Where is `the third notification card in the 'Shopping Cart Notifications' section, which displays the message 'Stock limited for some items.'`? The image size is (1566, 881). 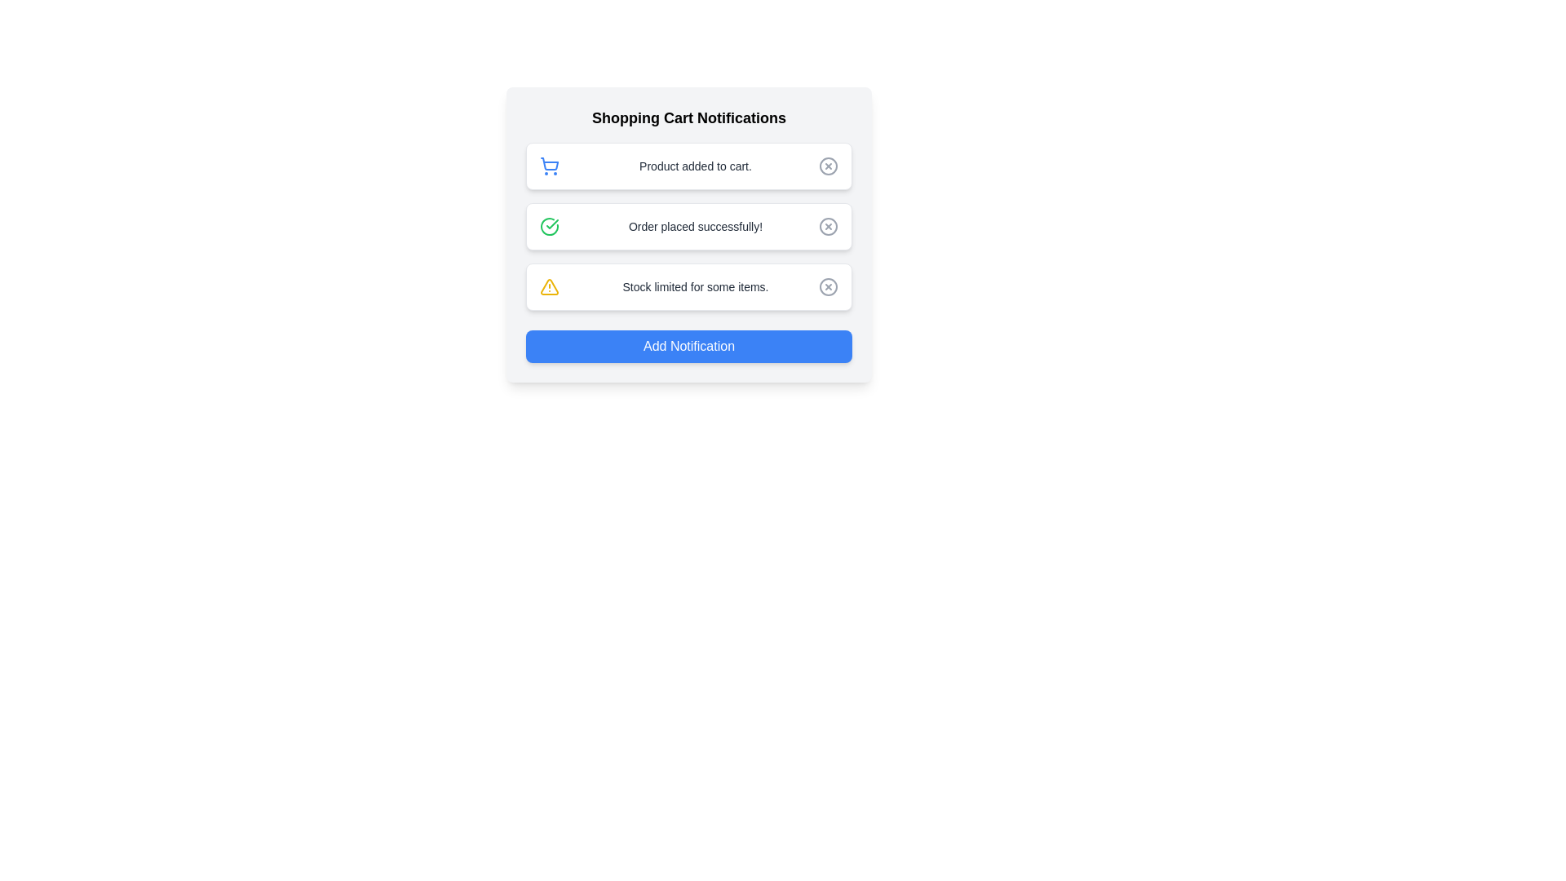
the third notification card in the 'Shopping Cart Notifications' section, which displays the message 'Stock limited for some items.' is located at coordinates (688, 286).